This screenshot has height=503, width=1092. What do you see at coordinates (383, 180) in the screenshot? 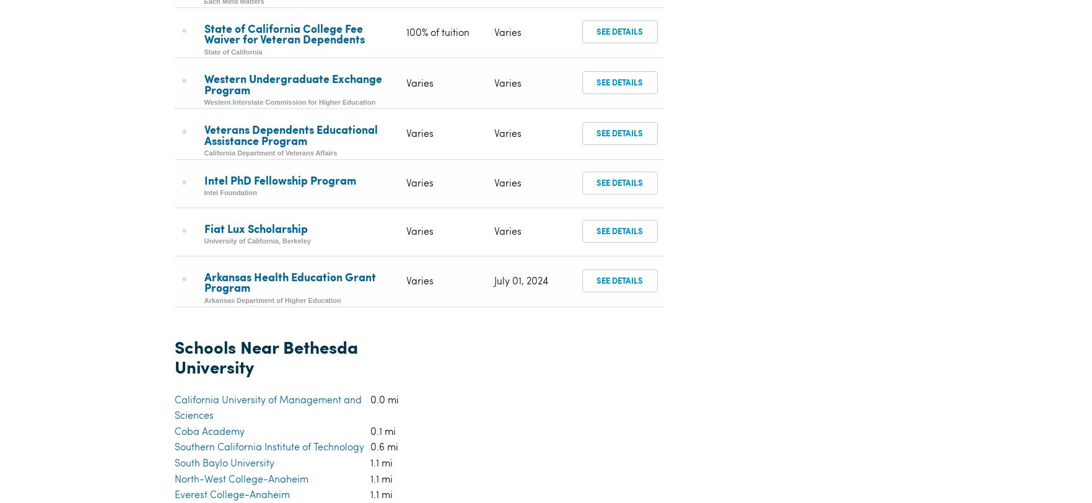
I see `'0.1
mi'` at bounding box center [383, 180].